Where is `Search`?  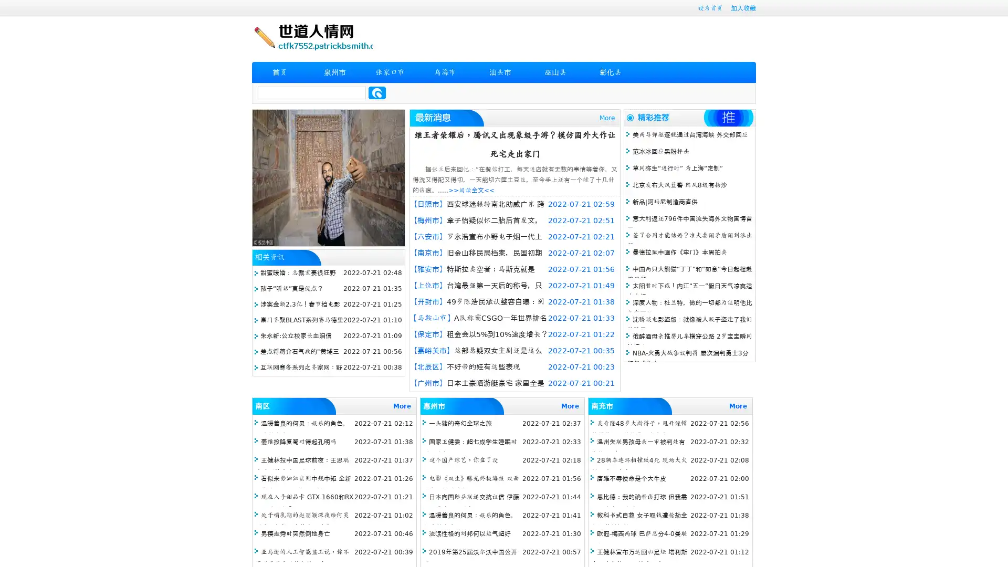
Search is located at coordinates (377, 92).